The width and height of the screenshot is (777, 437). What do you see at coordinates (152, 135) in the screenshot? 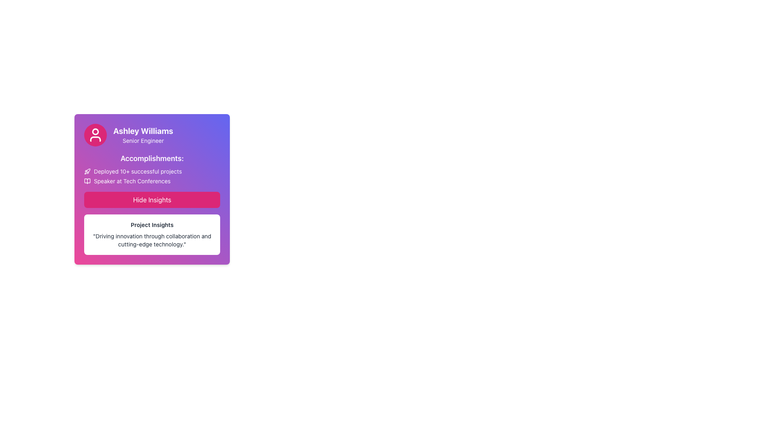
I see `text displayed in the Text and Icon Section of the profile card, located under the pink user icon and above the 'Accomplishments' heading` at bounding box center [152, 135].